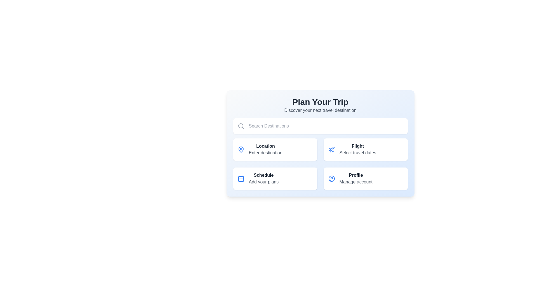 The image size is (537, 302). I want to click on the text label element that says 'Add your plans', which is styled in gray and located directly below the 'Schedule' text label in the bottom-left card section, so click(263, 182).